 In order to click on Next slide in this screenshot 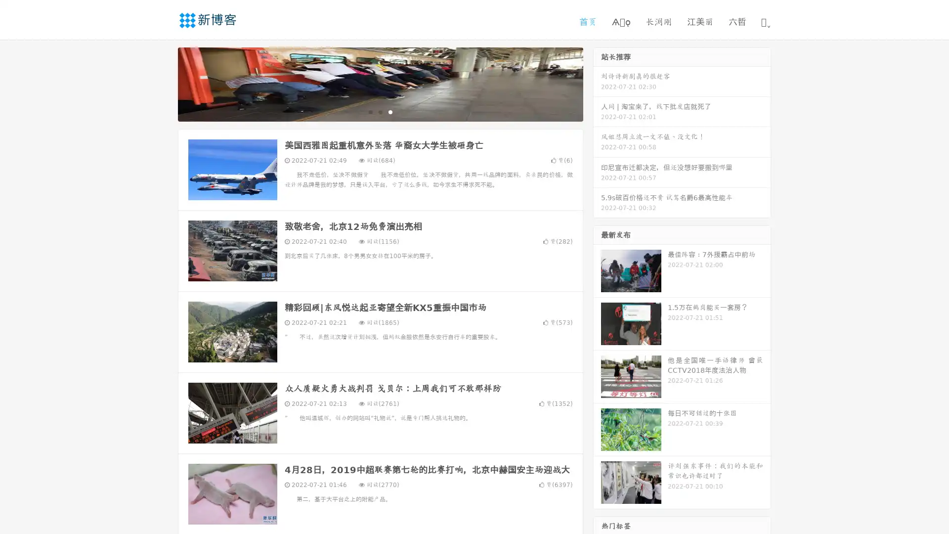, I will do `click(597, 83)`.